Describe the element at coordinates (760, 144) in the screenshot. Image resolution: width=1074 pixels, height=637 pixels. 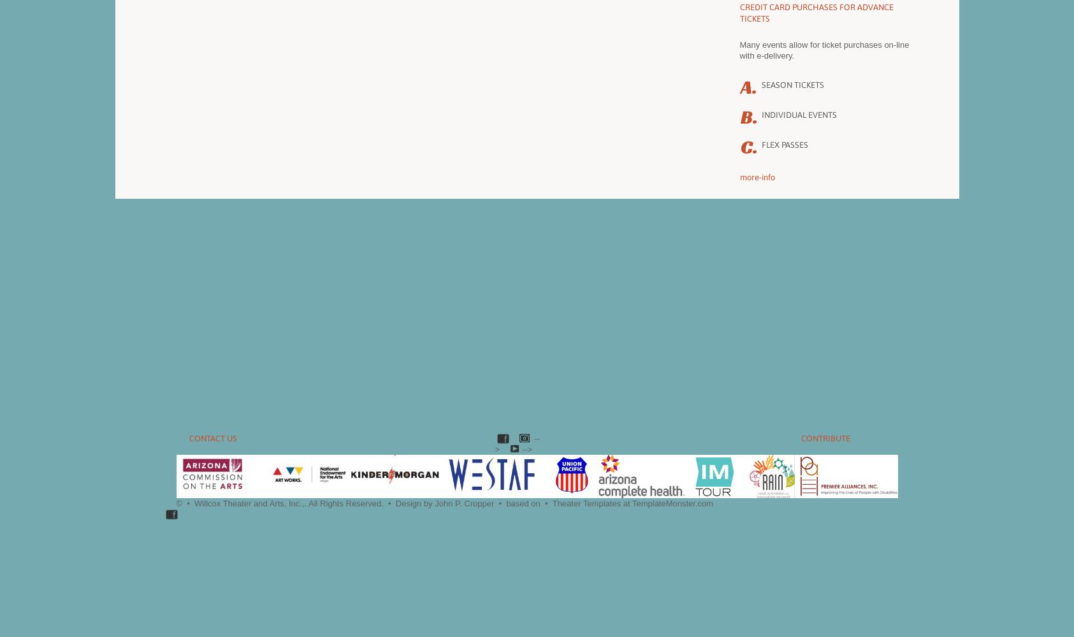
I see `'Flex Passes'` at that location.